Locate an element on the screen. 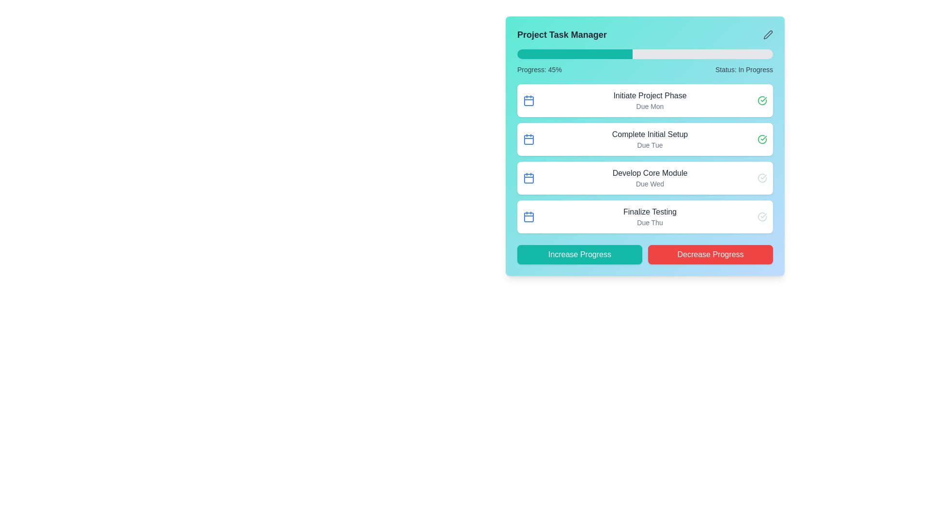  the task card titled 'Develop Core Module' with the due date 'Due Wed' in the 'Project Task Manager' is located at coordinates (645, 178).